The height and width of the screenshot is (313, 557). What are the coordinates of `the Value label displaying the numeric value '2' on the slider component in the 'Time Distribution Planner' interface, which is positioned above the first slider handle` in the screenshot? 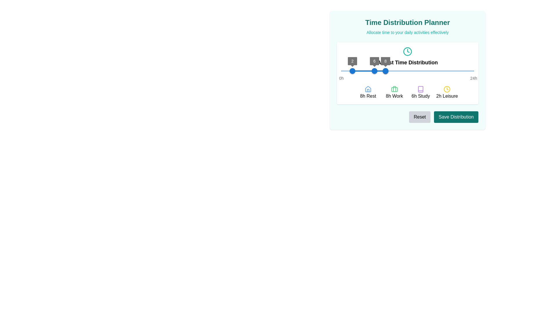 It's located at (352, 61).